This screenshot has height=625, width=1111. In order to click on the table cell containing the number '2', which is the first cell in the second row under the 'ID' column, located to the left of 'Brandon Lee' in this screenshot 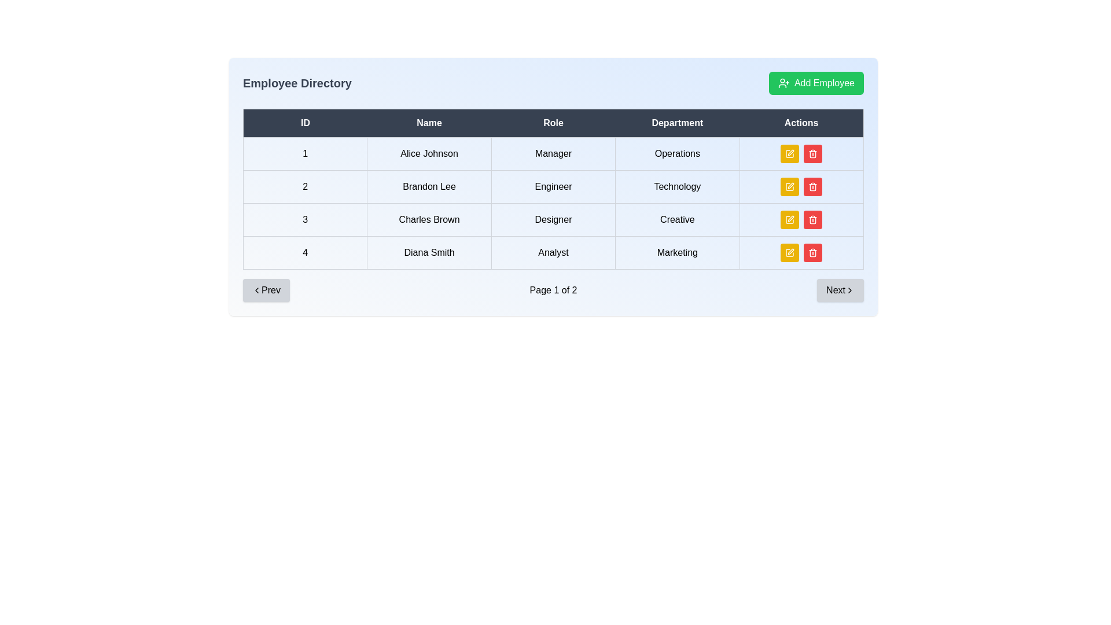, I will do `click(305, 186)`.